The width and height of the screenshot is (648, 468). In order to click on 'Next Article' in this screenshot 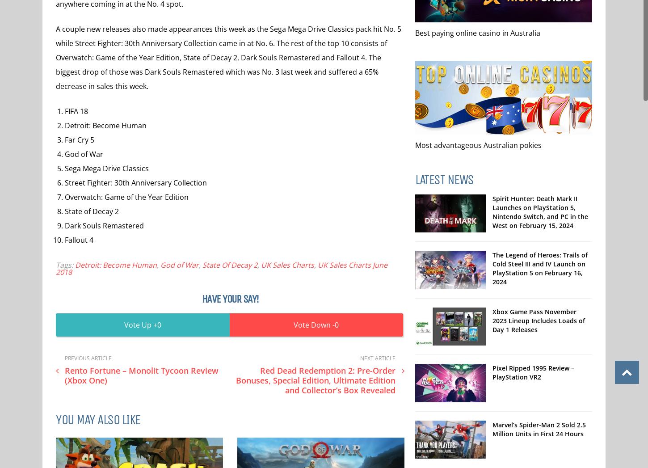, I will do `click(378, 358)`.